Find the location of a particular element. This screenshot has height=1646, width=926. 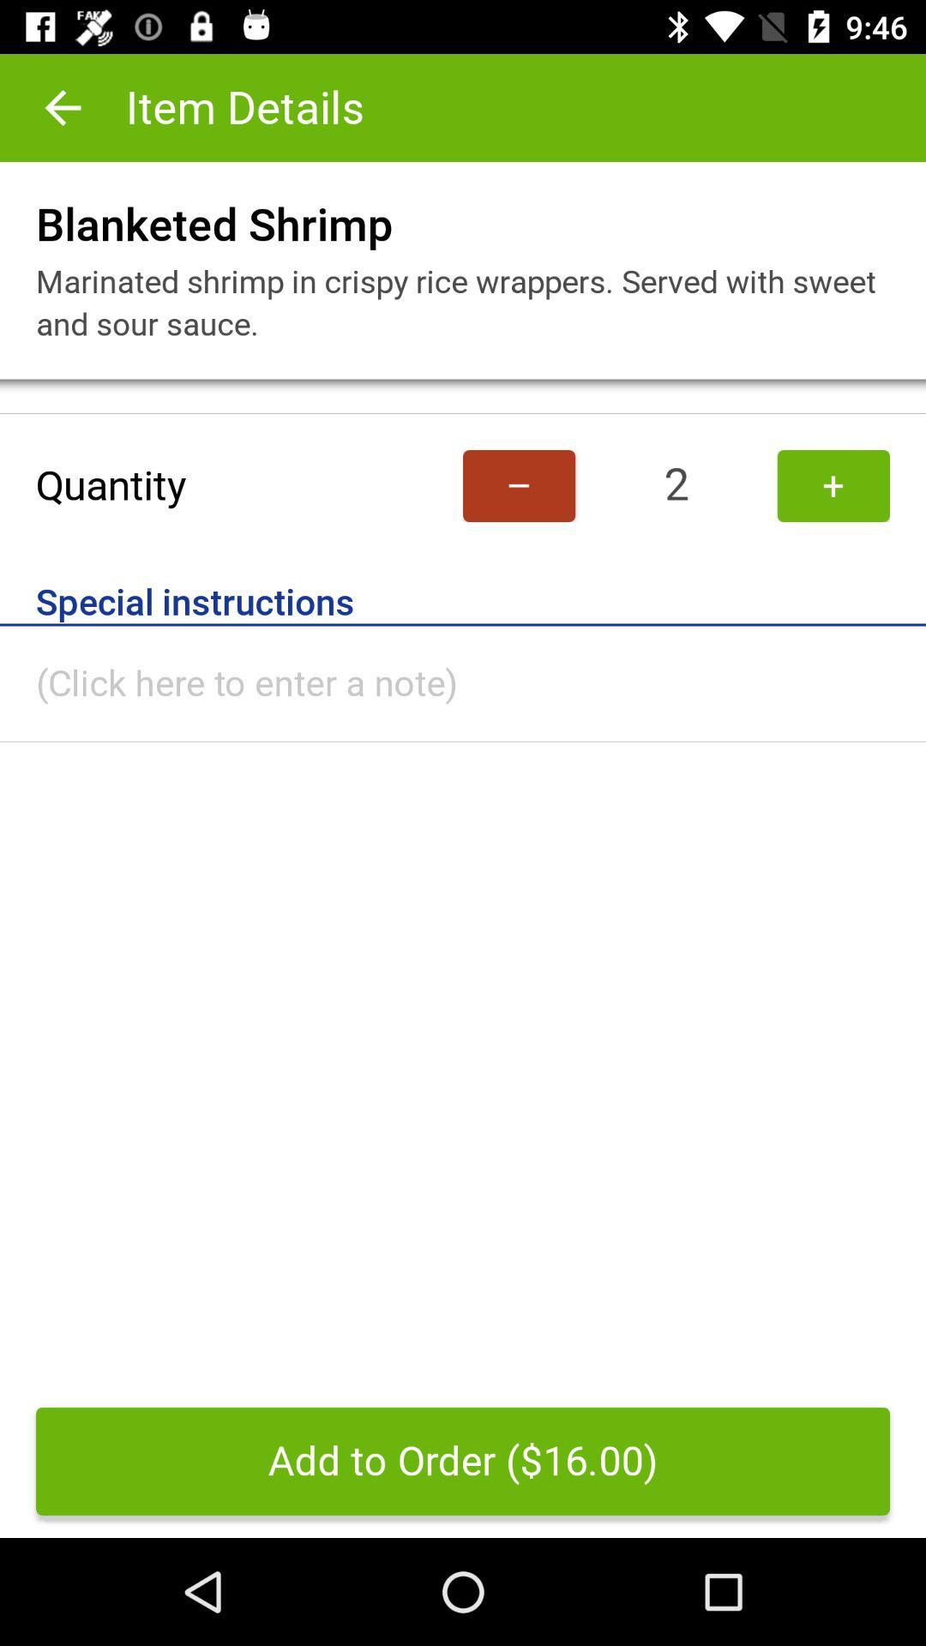

item to the left of item details icon is located at coordinates (62, 106).